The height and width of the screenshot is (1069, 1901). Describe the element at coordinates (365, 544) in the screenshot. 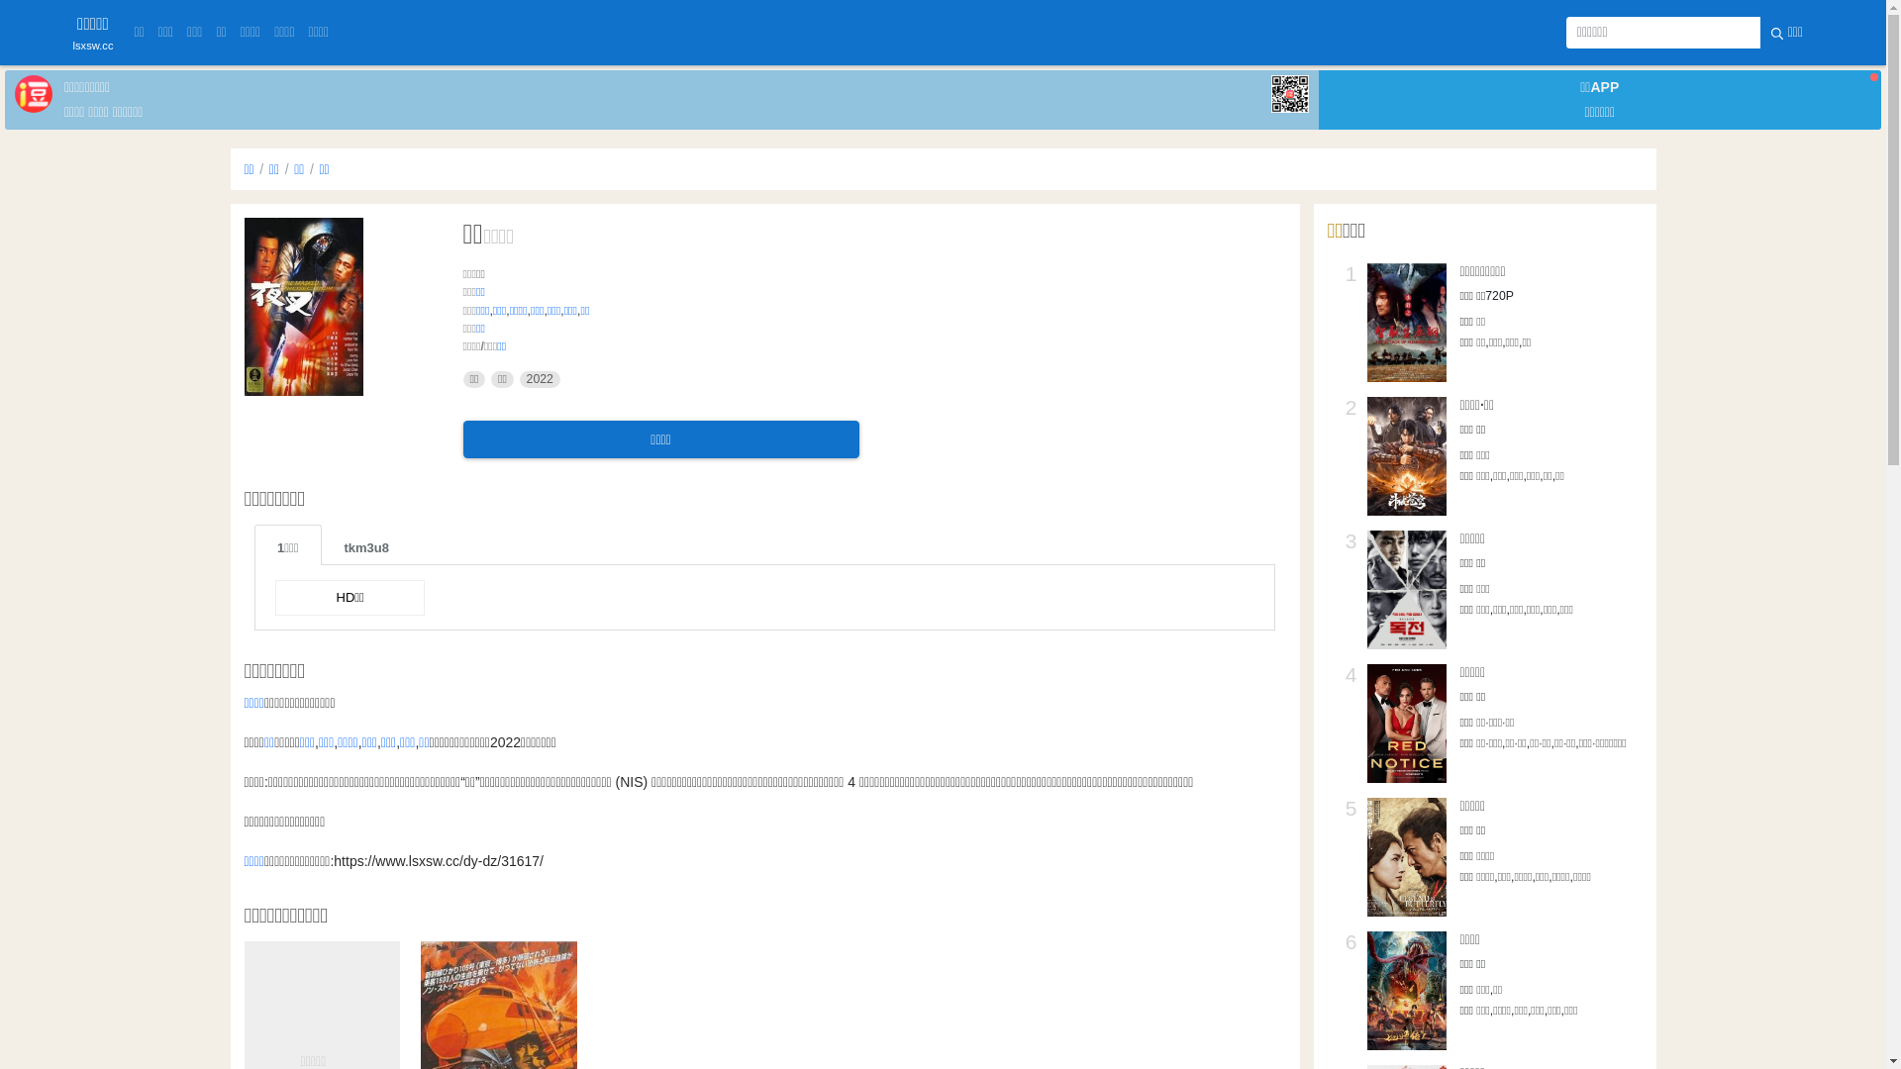

I see `'tkm3u8'` at that location.